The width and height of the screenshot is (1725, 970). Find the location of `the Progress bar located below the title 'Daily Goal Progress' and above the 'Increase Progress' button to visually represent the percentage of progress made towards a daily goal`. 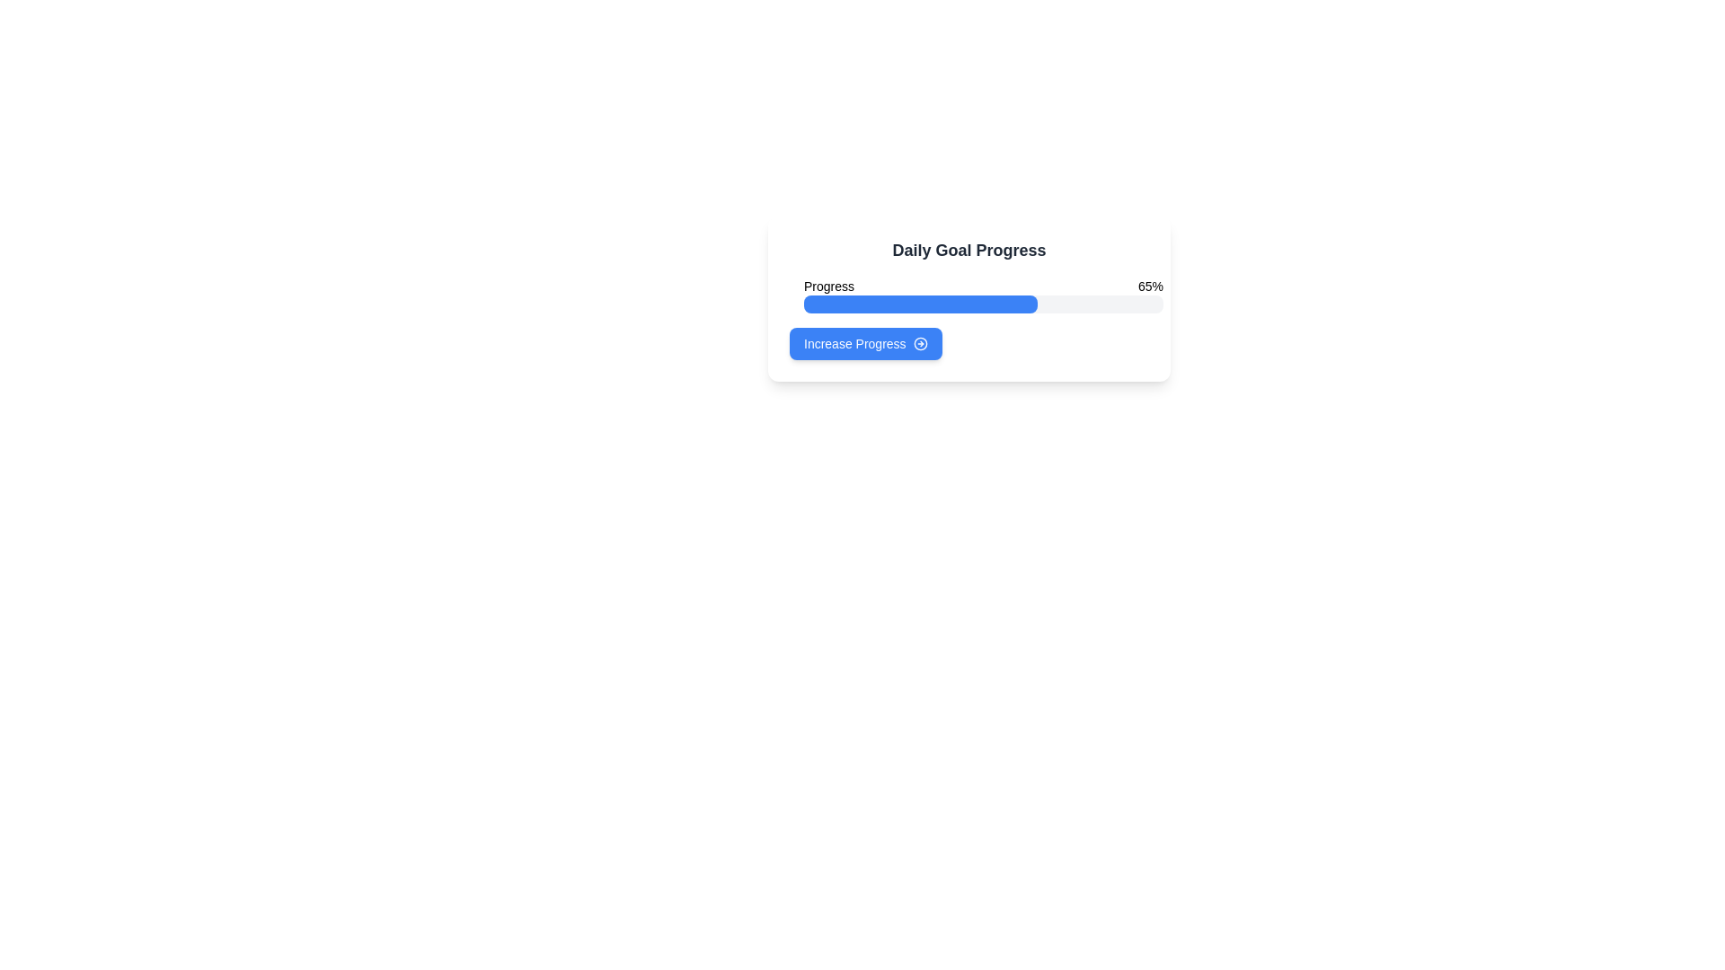

the Progress bar located below the title 'Daily Goal Progress' and above the 'Increase Progress' button to visually represent the percentage of progress made towards a daily goal is located at coordinates (969, 297).